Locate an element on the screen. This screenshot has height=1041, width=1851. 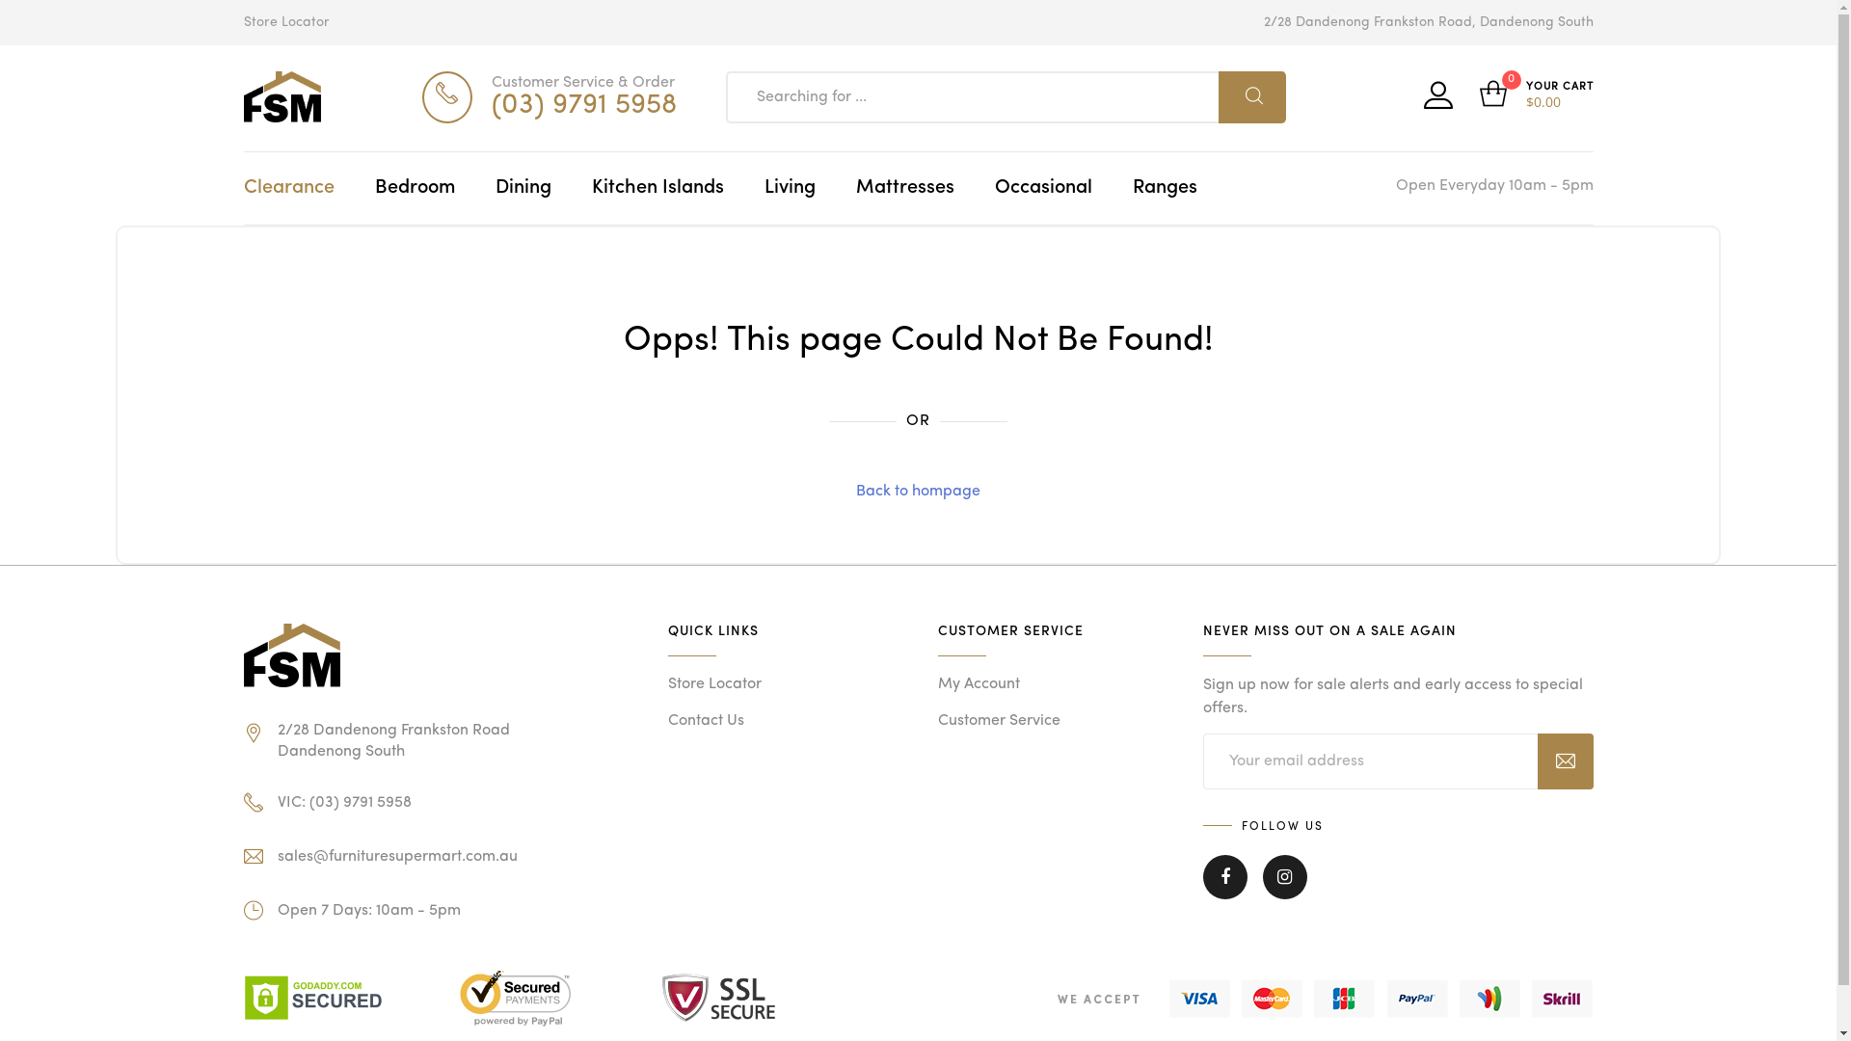
'Dining' is located at coordinates (495, 188).